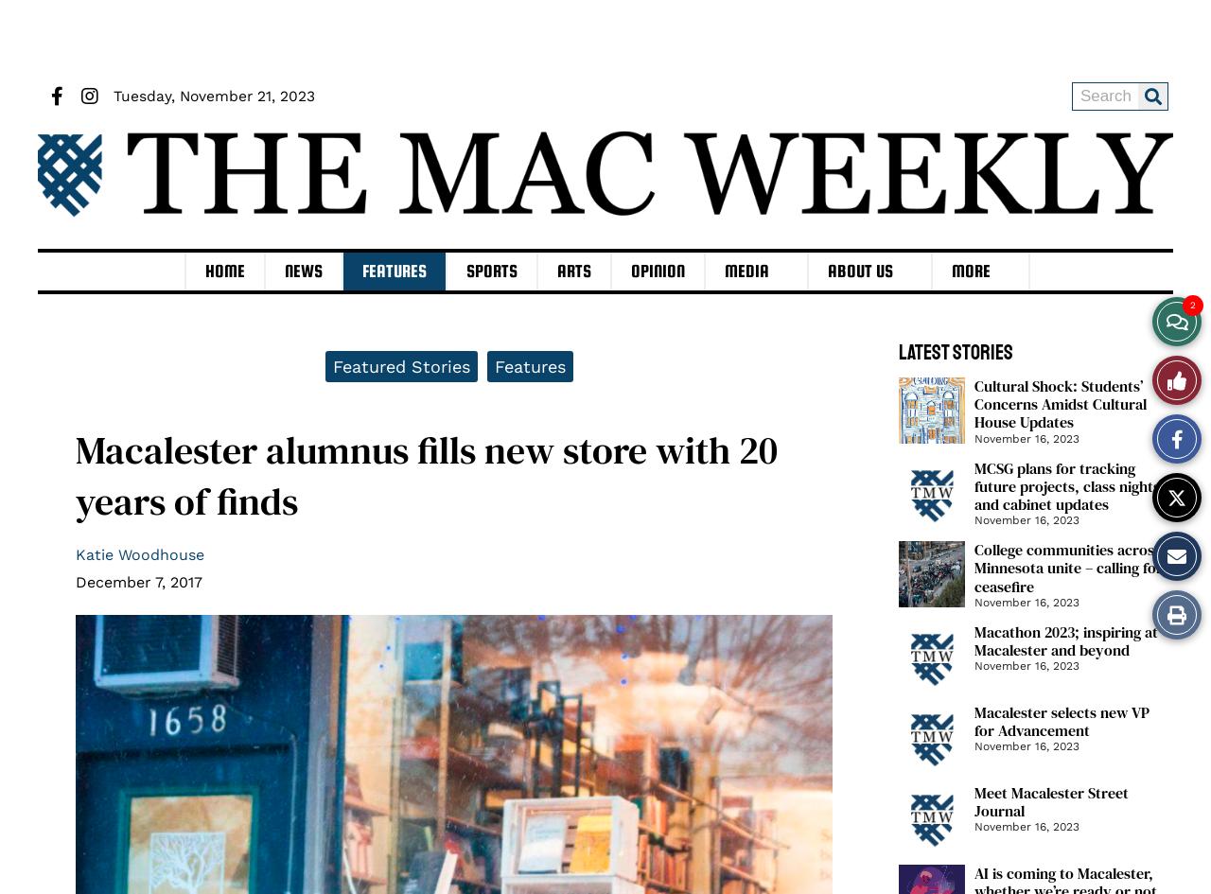  Describe the element at coordinates (530, 365) in the screenshot. I see `'Features'` at that location.